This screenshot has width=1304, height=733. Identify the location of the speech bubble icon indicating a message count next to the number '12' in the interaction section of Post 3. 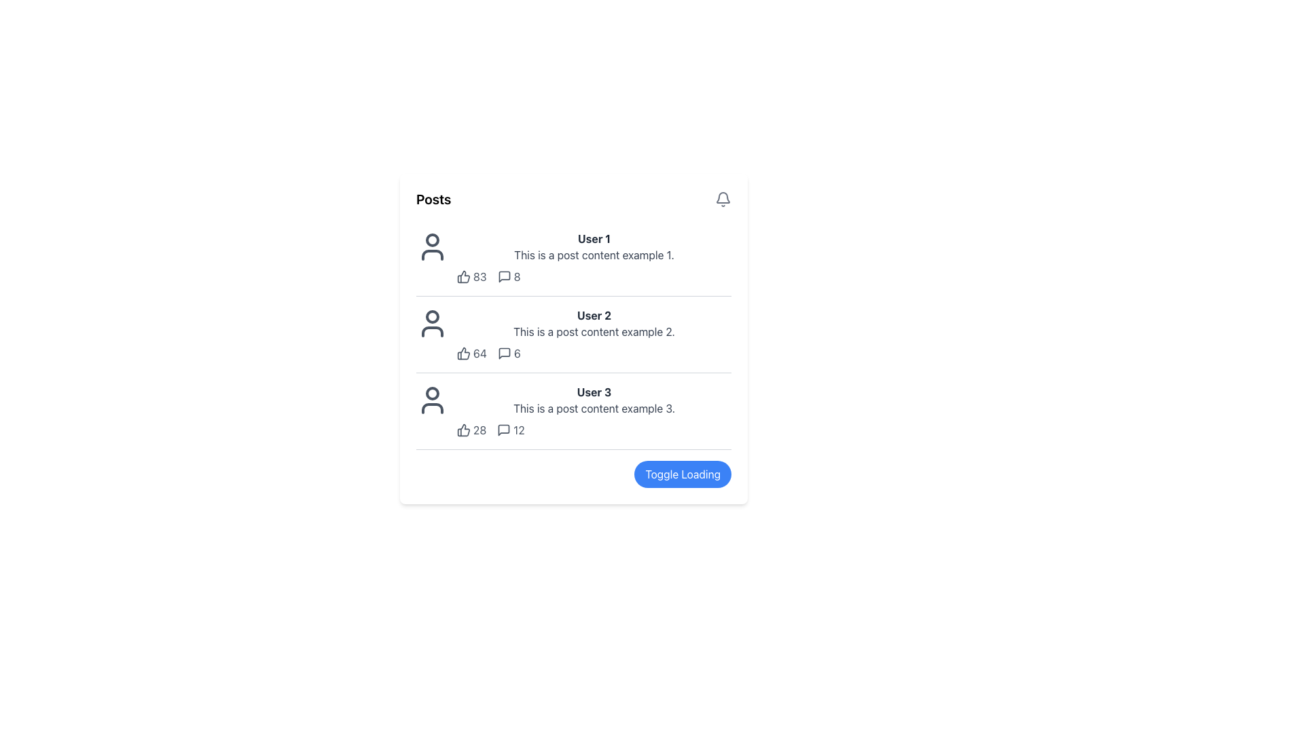
(503, 430).